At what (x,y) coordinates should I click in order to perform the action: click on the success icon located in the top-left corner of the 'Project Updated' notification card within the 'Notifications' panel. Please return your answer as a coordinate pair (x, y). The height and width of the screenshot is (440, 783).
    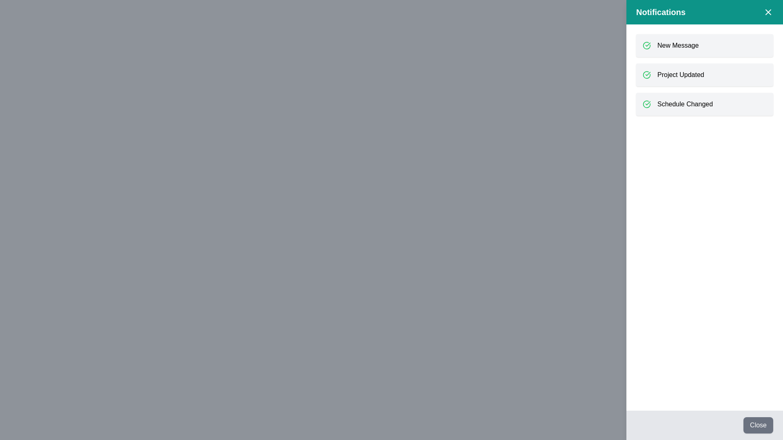
    Looking at the image, I should click on (646, 75).